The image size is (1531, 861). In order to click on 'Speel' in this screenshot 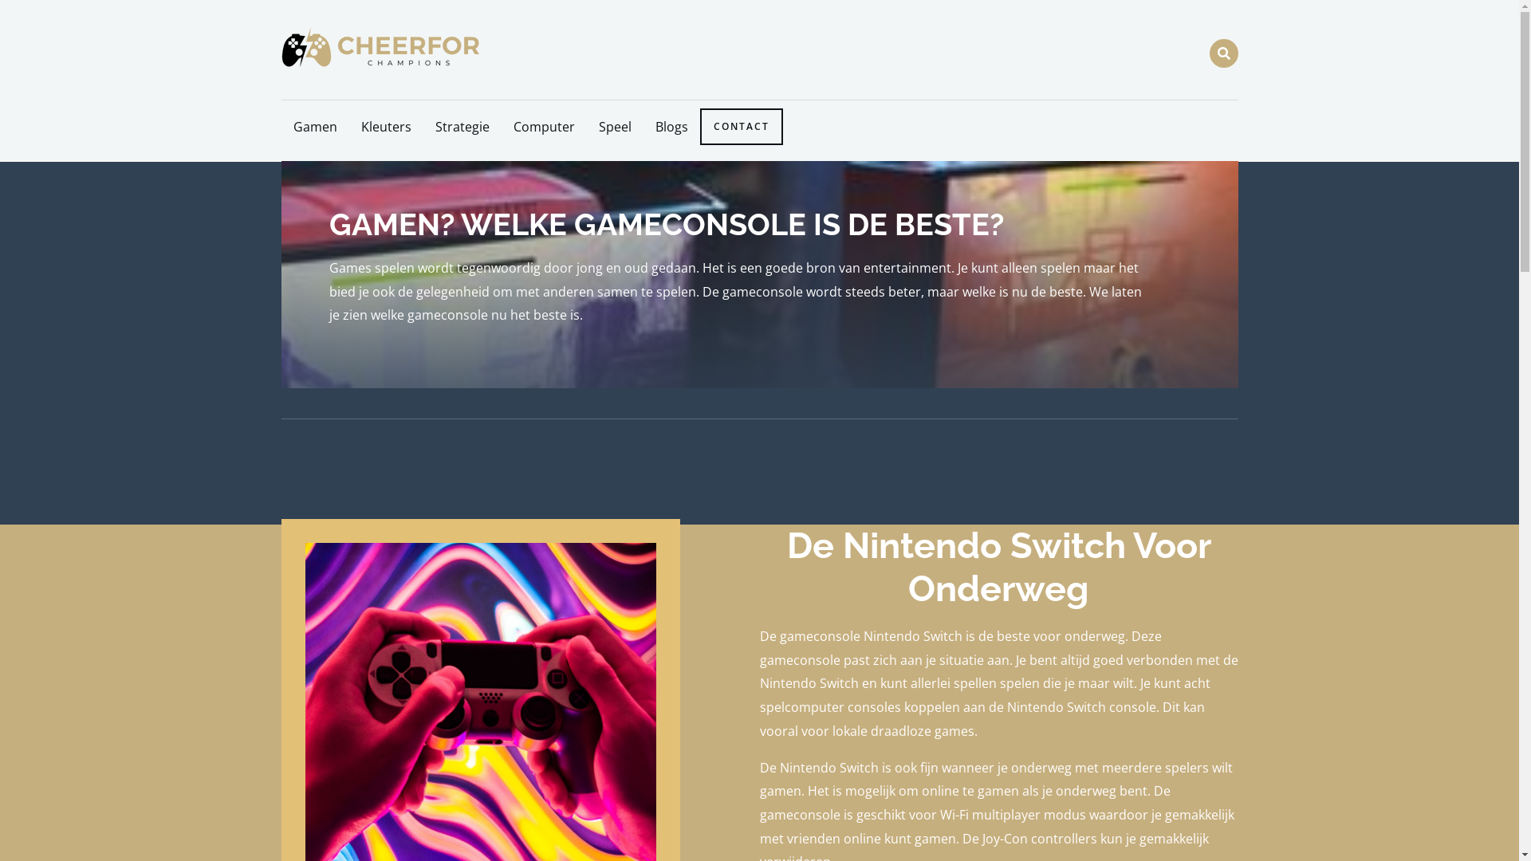, I will do `click(614, 125)`.